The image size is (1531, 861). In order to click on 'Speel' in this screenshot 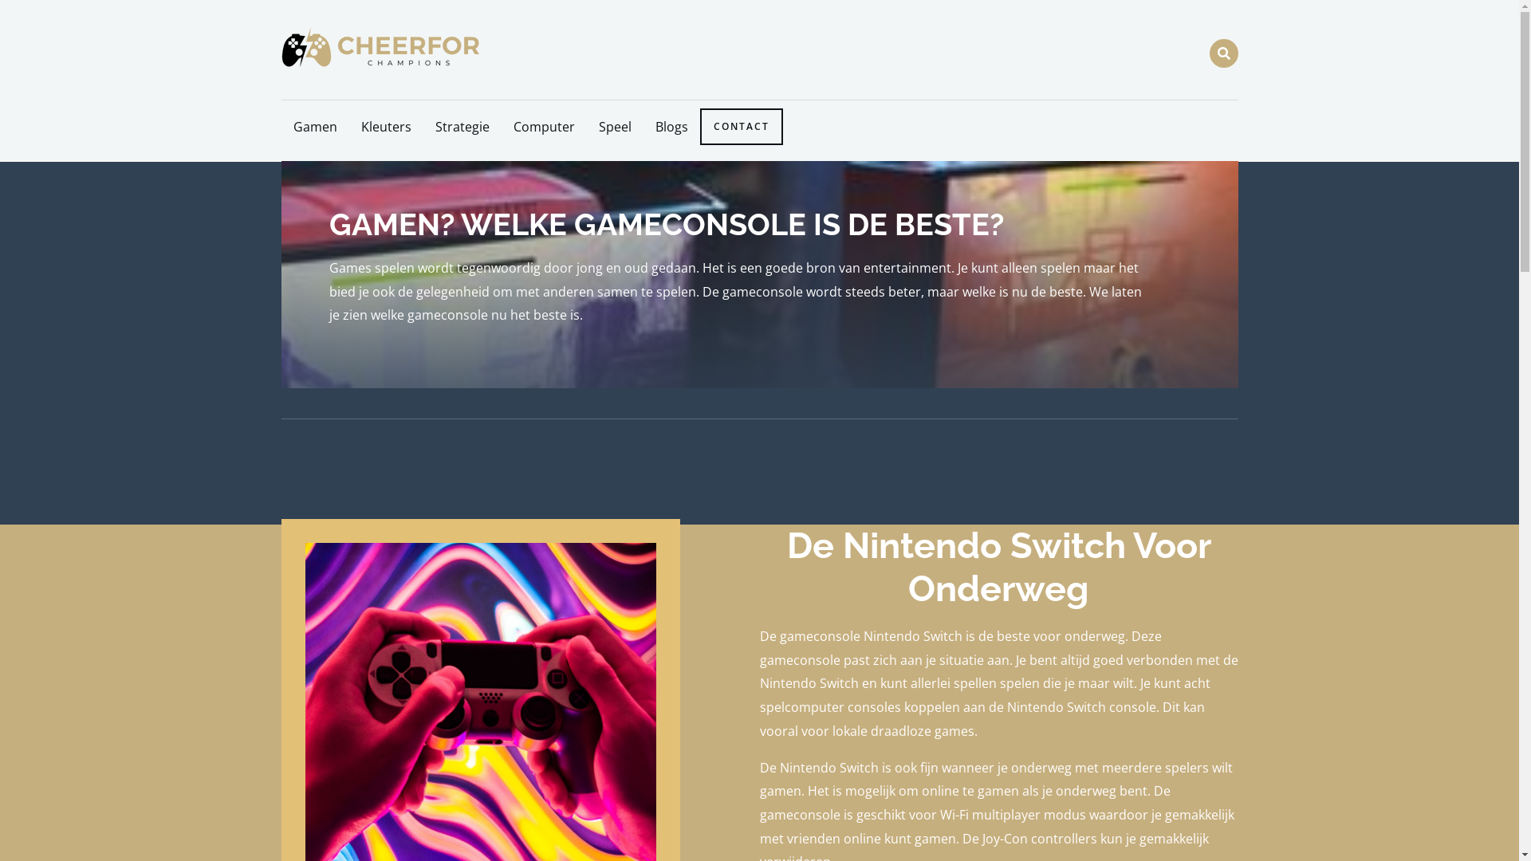, I will do `click(614, 125)`.